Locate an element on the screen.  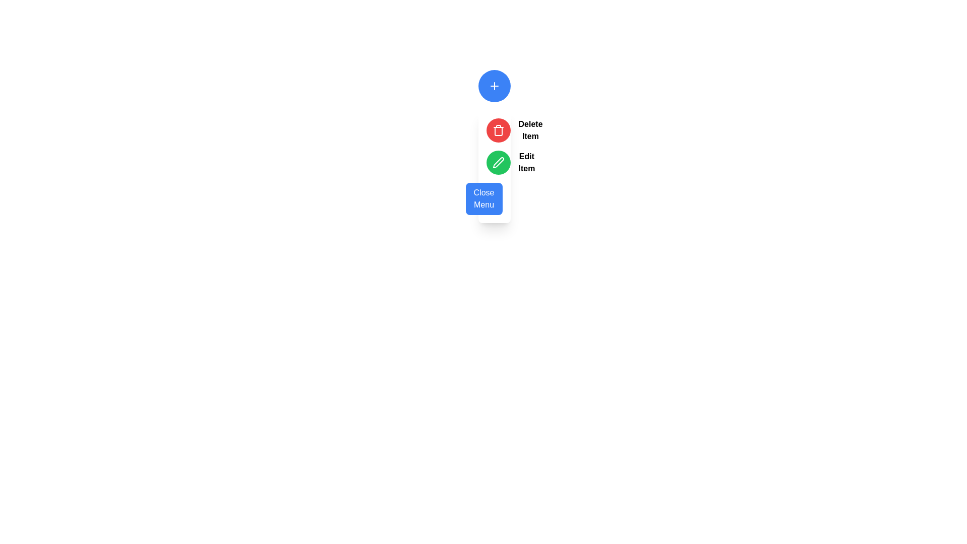
the red circular button with a white trash icon is located at coordinates (494, 129).